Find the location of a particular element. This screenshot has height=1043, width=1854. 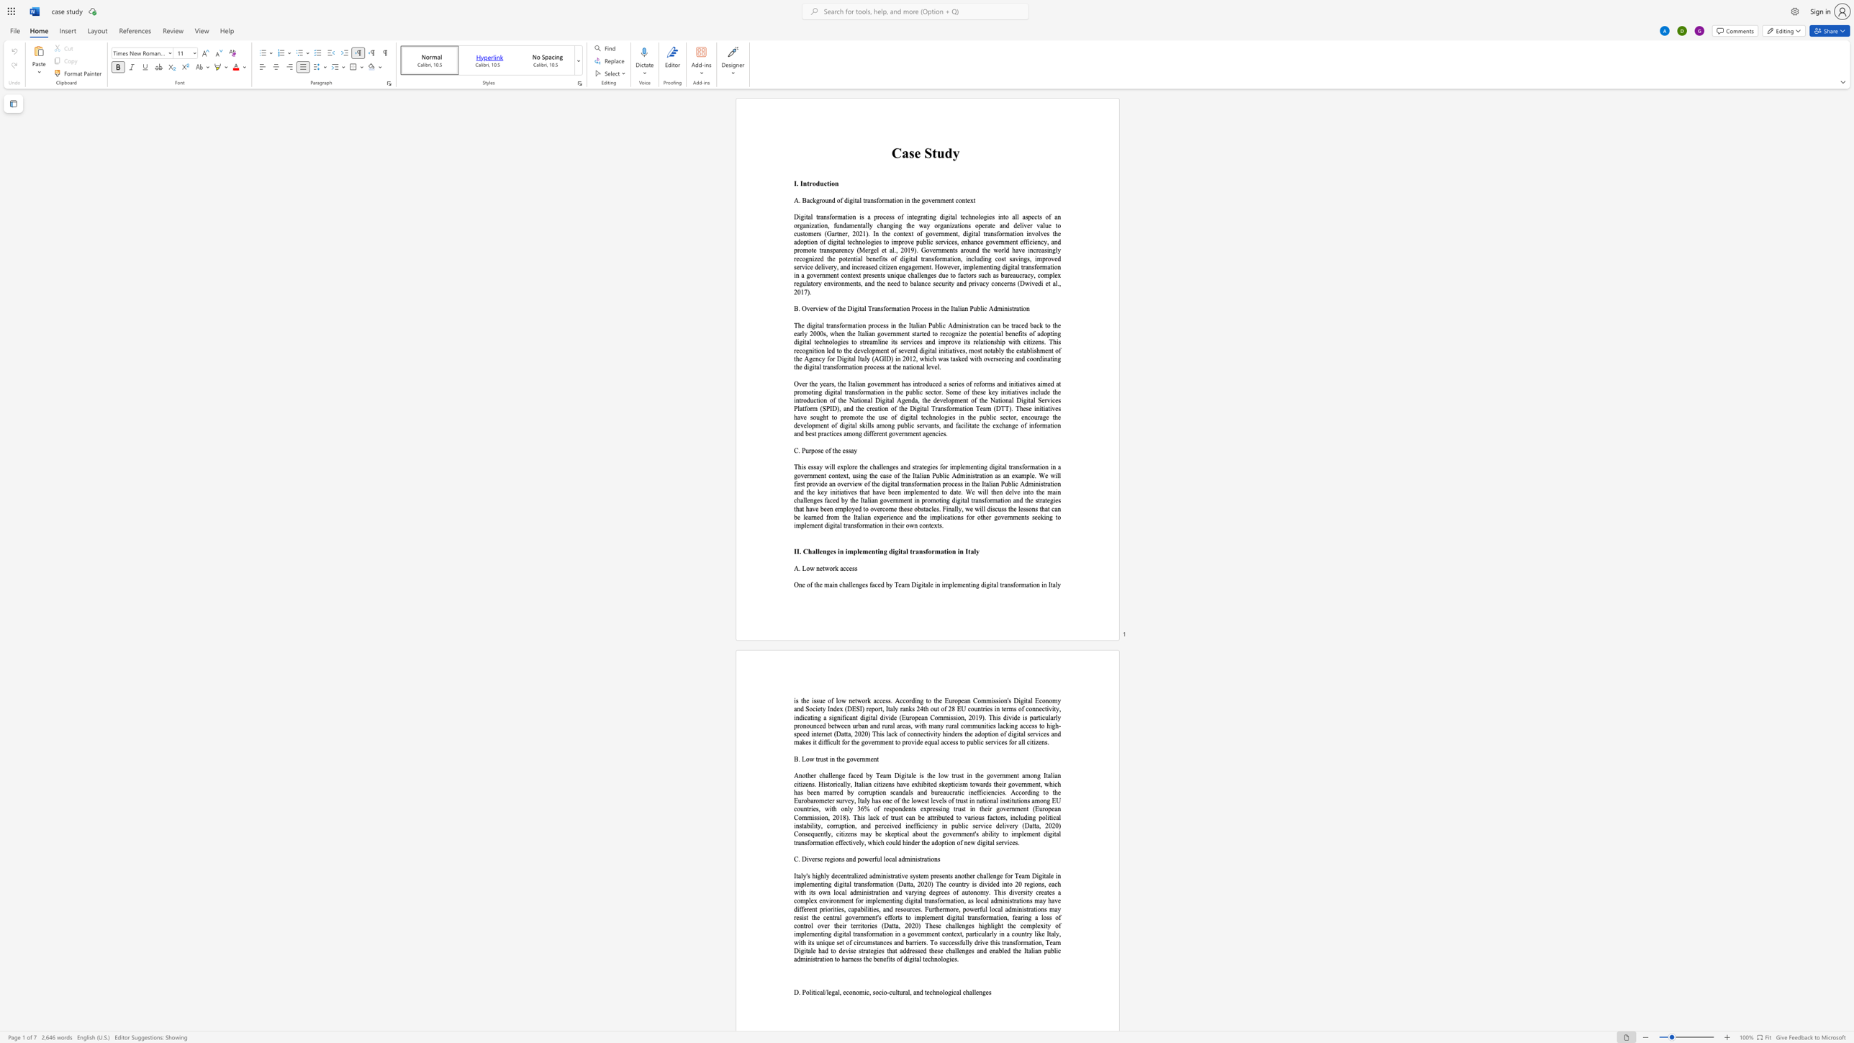

the 11th character "s" in the text is located at coordinates (910, 792).